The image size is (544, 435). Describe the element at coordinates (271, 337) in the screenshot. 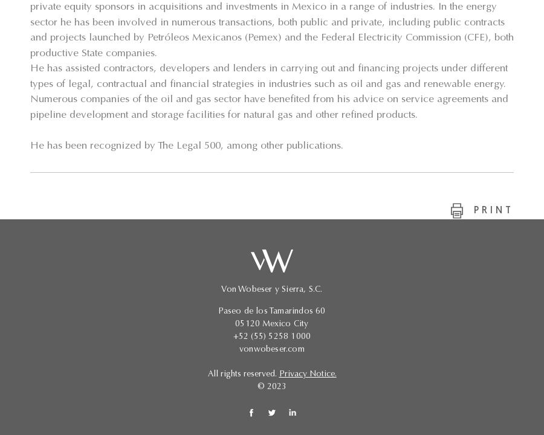

I see `'+52 (55) 5258 1000'` at that location.